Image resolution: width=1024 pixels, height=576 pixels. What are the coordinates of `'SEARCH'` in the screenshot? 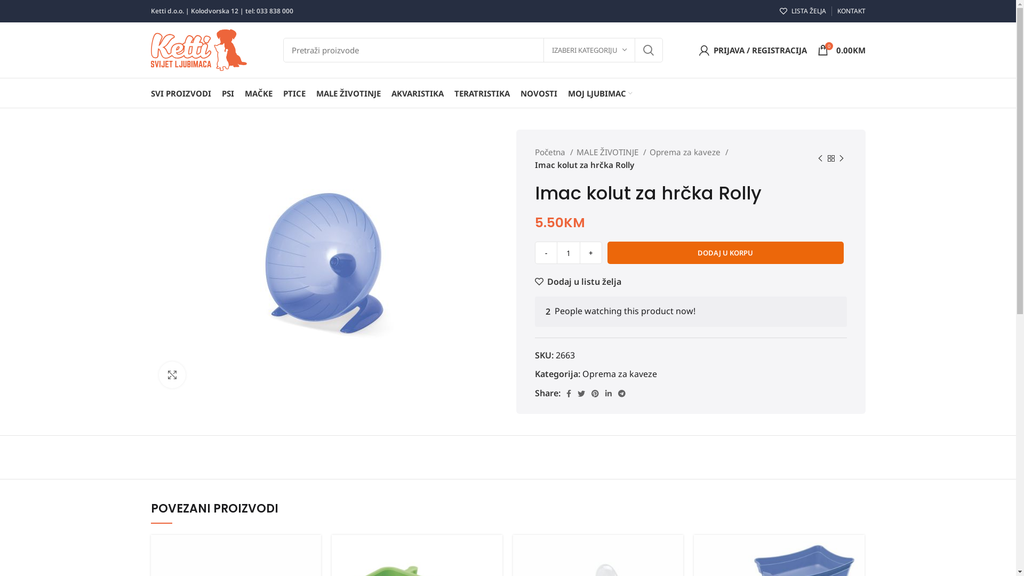 It's located at (647, 50).